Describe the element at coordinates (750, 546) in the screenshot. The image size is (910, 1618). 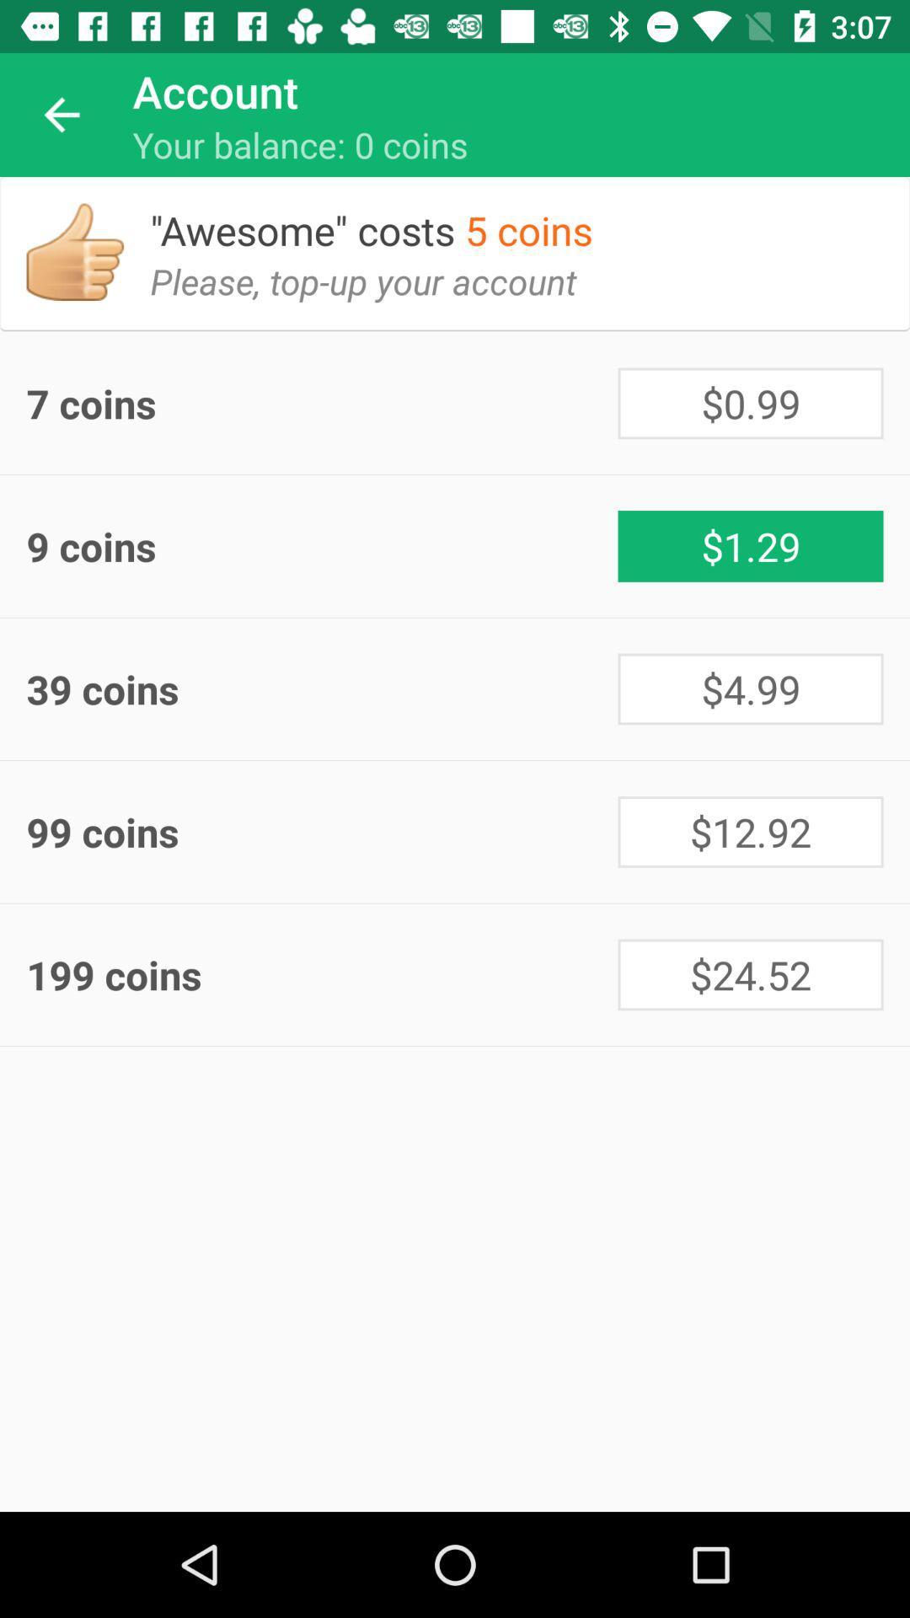
I see `$1.29 icon` at that location.